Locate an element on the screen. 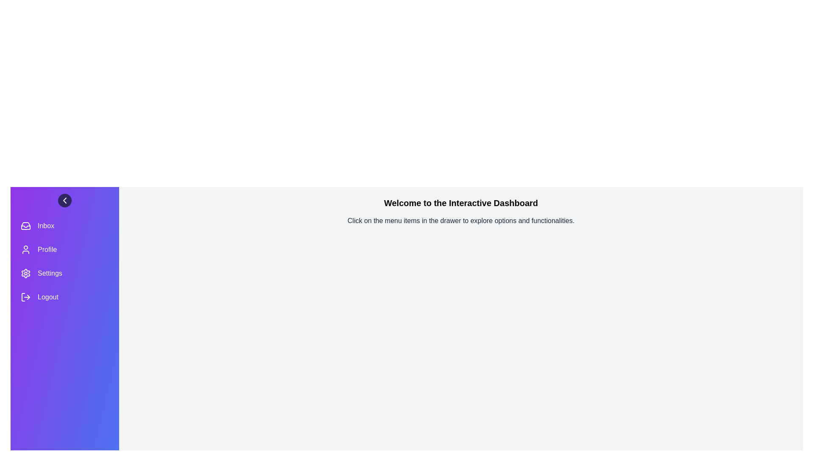 This screenshot has width=814, height=458. the text area containing the welcome message and instructions is located at coordinates (460, 203).